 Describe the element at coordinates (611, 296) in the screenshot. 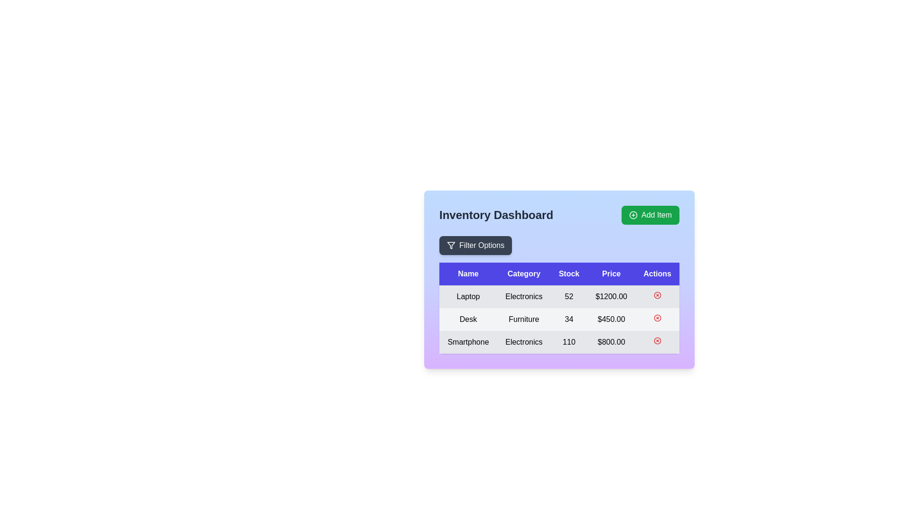

I see `the text field displaying '$1200.00' in bold, black font, located in the 'Price' column of the table under the 'Laptop' item` at that location.